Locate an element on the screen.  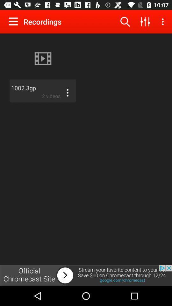
open options is located at coordinates (67, 92).